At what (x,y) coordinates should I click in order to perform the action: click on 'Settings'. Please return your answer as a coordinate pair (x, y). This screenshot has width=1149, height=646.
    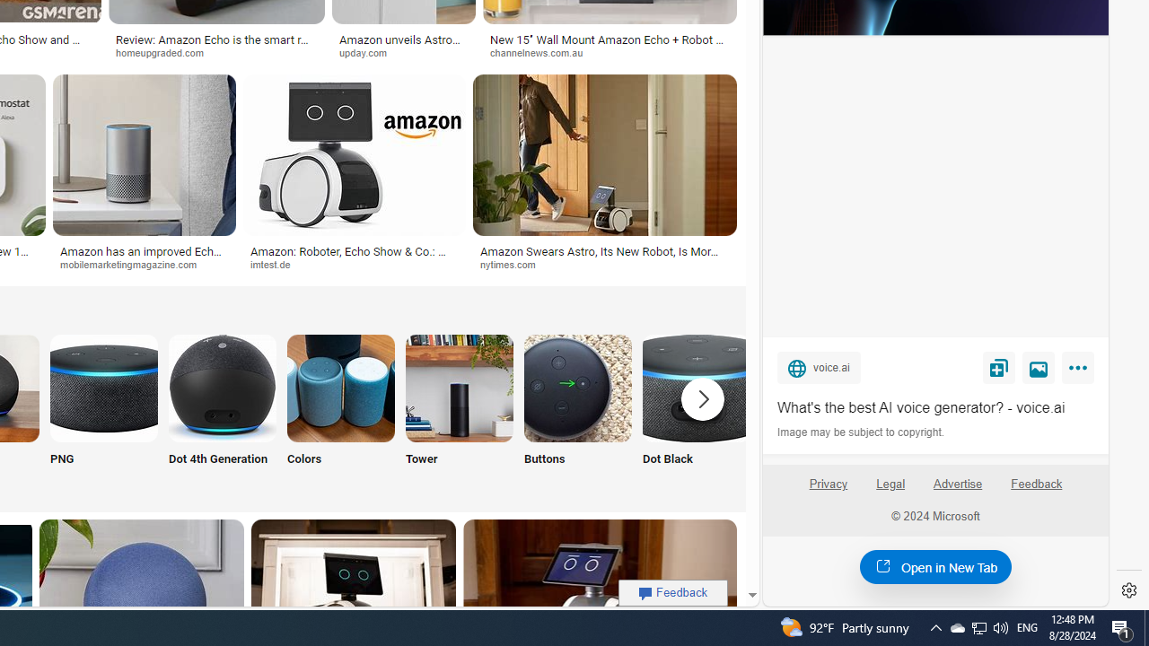
    Looking at the image, I should click on (1128, 590).